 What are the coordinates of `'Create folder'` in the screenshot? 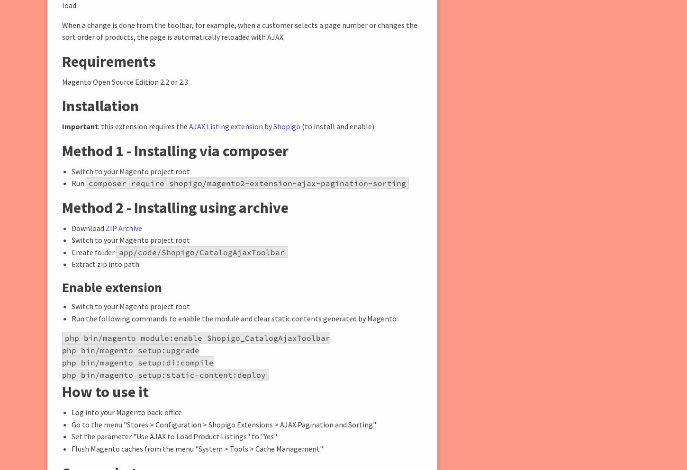 It's located at (93, 252).